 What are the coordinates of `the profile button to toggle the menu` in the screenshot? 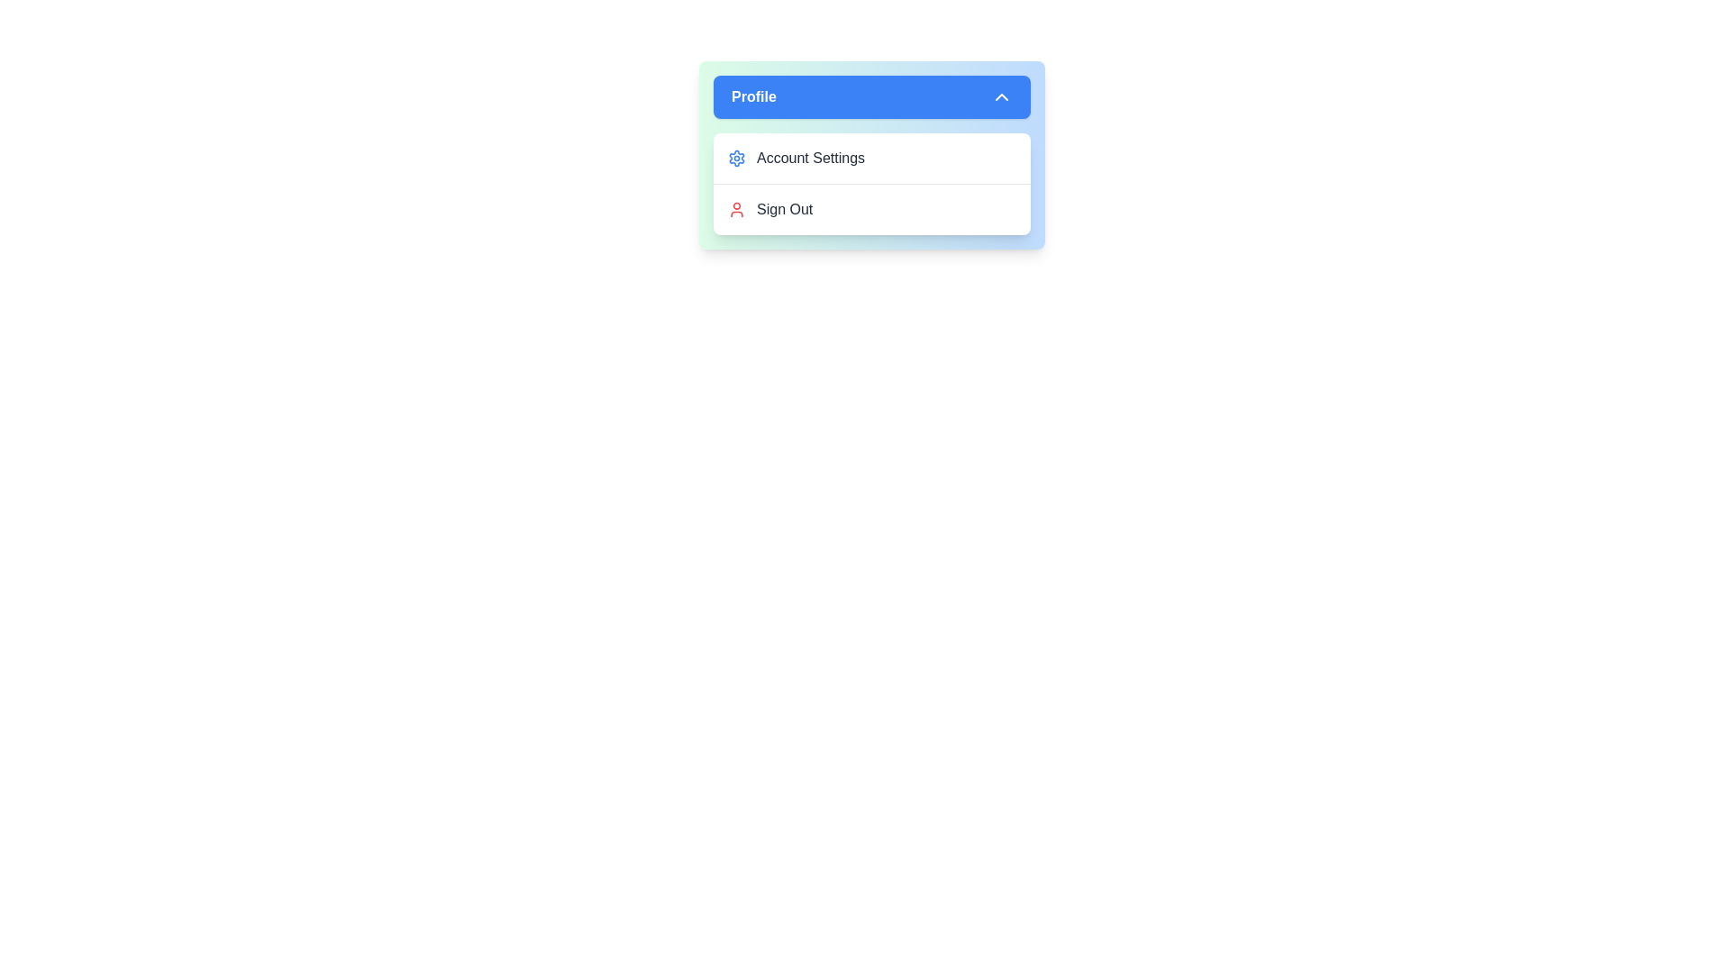 It's located at (872, 97).